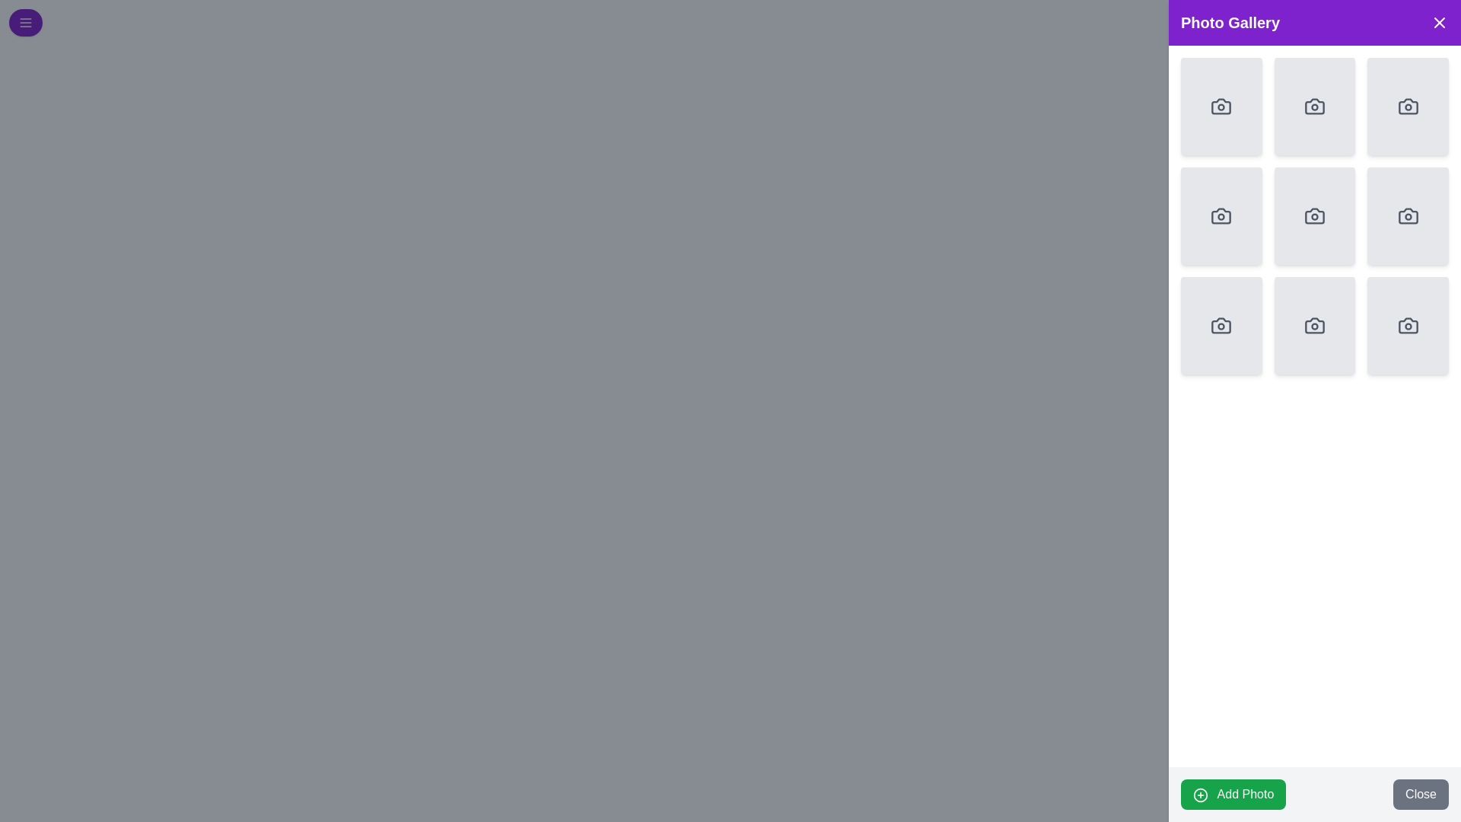 This screenshot has height=822, width=1461. I want to click on the camera icon in the middle row, second item of the photo gallery grid, which represents the option to add or manage a photo, so click(1314, 325).